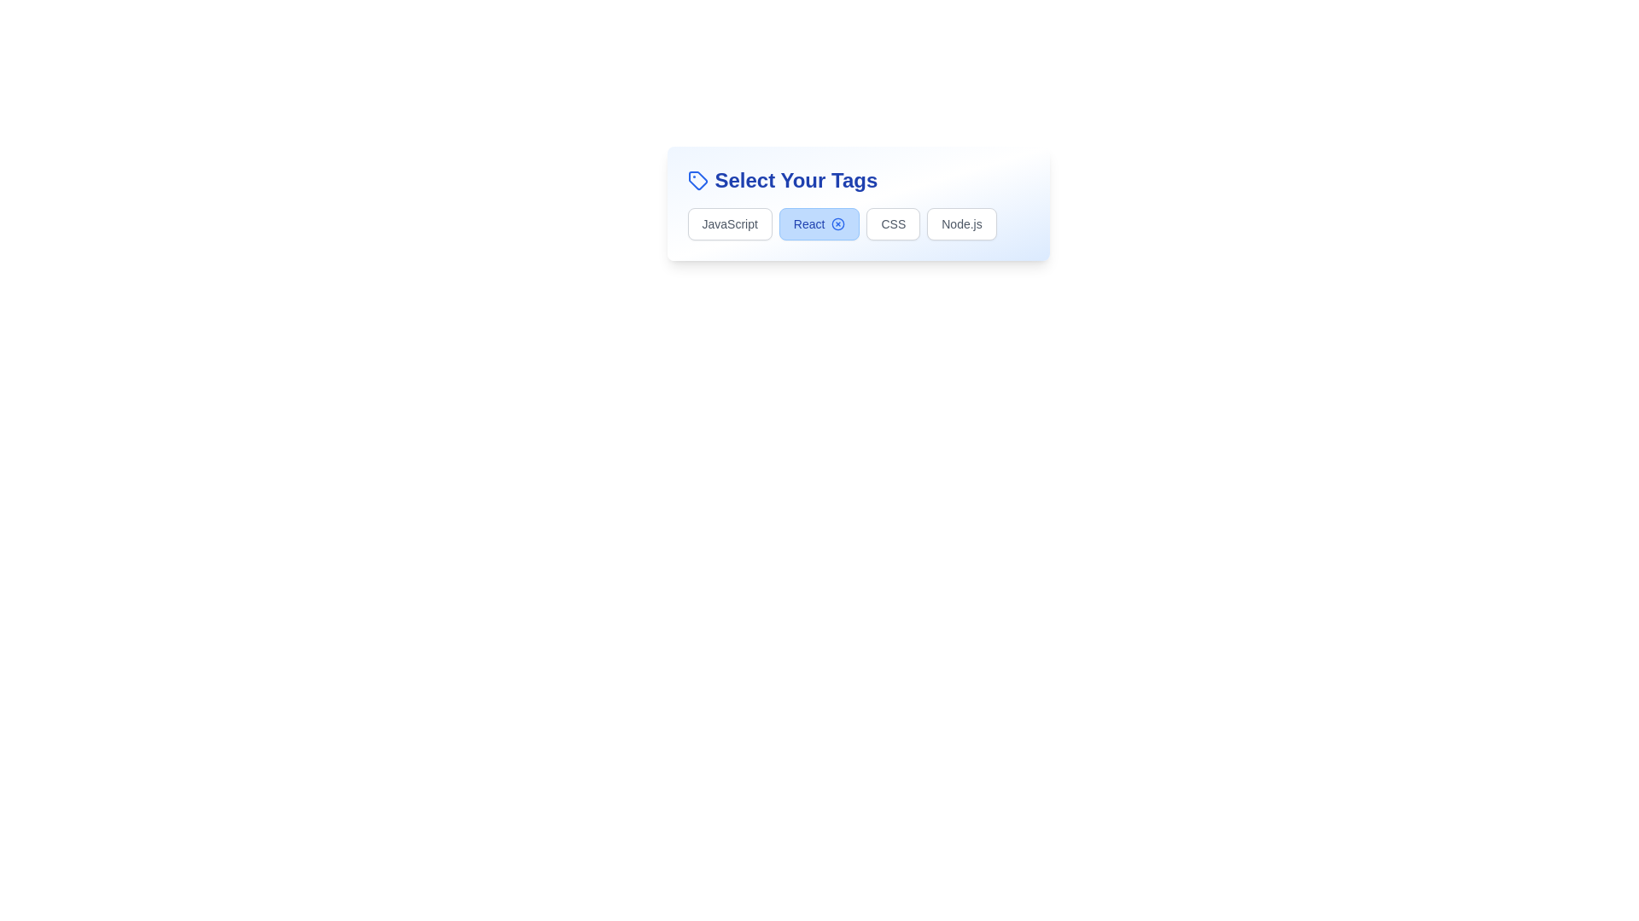  What do you see at coordinates (697, 181) in the screenshot?
I see `the diamond-shaped tag icon with a blue outline, located to the left of the 'Select Your Tags' heading` at bounding box center [697, 181].